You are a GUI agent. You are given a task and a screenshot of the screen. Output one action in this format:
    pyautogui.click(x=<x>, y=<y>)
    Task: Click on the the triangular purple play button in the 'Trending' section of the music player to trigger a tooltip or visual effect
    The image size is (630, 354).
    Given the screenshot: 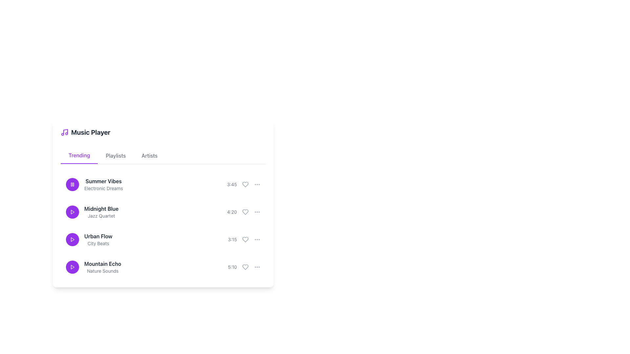 What is the action you would take?
    pyautogui.click(x=73, y=240)
    